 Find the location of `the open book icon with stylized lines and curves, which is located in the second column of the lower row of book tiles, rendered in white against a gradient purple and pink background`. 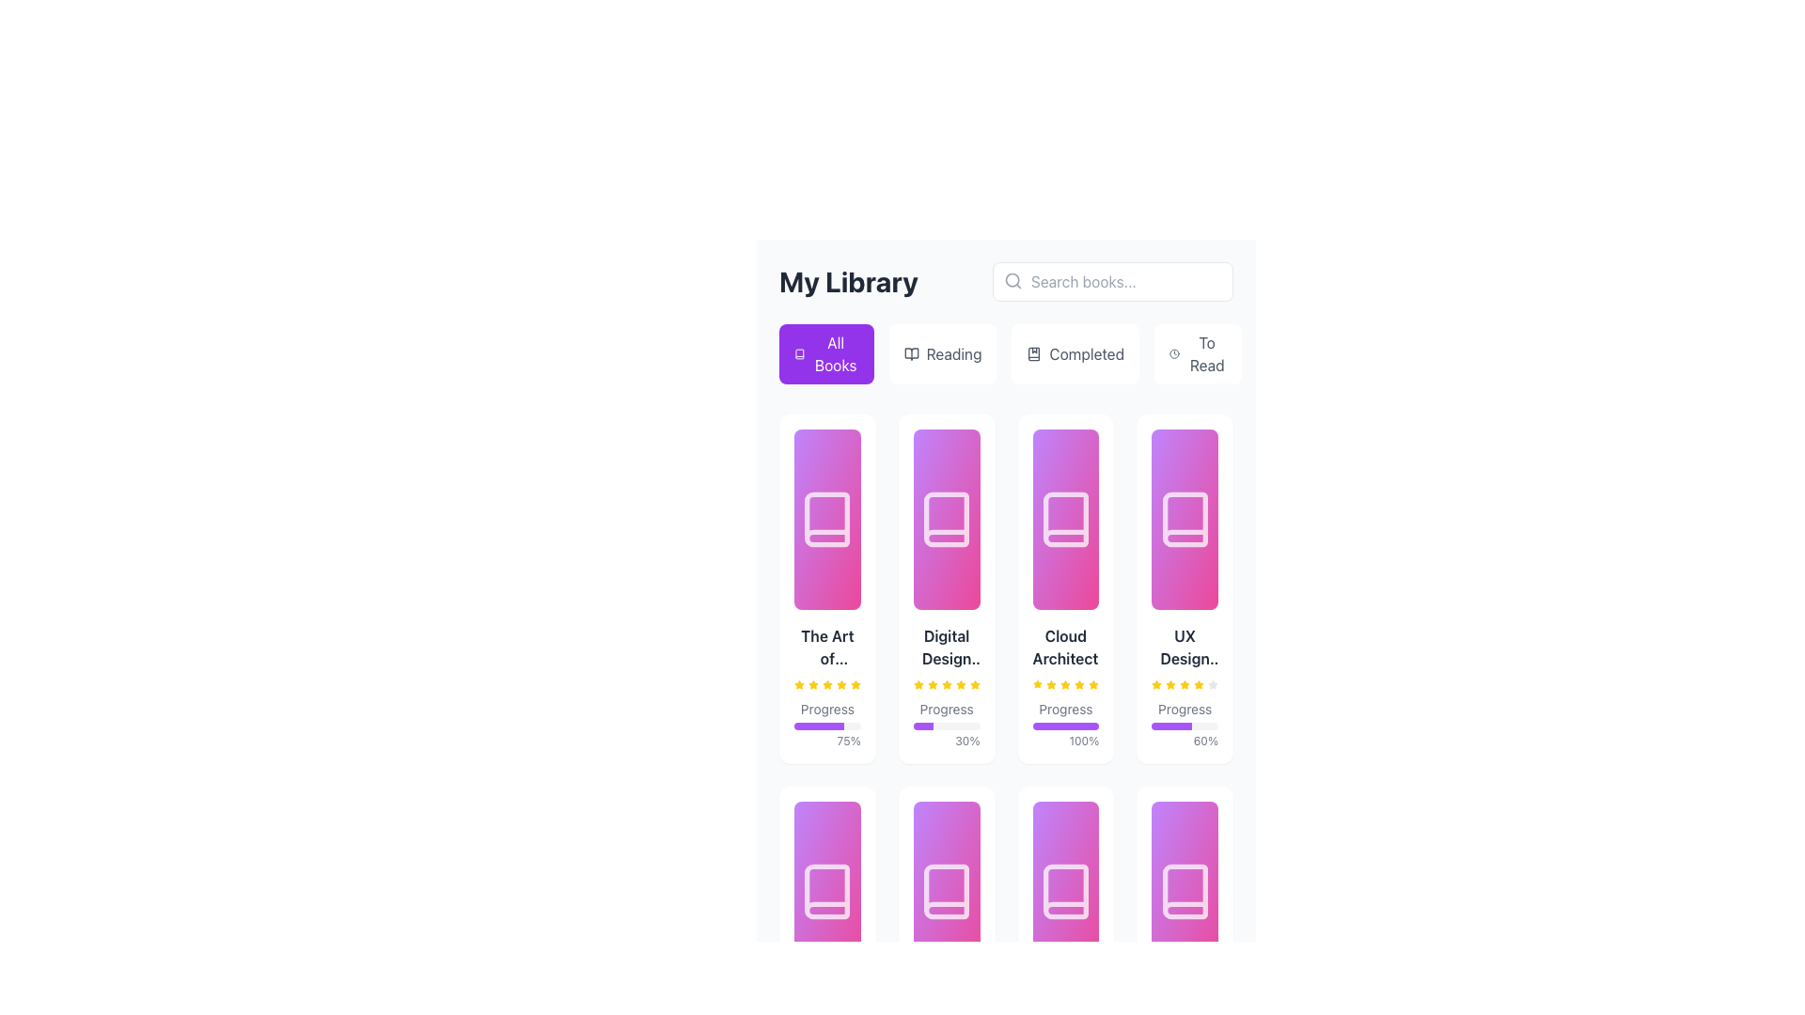

the open book icon with stylized lines and curves, which is located in the second column of the lower row of book tiles, rendered in white against a gradient purple and pink background is located at coordinates (947, 890).